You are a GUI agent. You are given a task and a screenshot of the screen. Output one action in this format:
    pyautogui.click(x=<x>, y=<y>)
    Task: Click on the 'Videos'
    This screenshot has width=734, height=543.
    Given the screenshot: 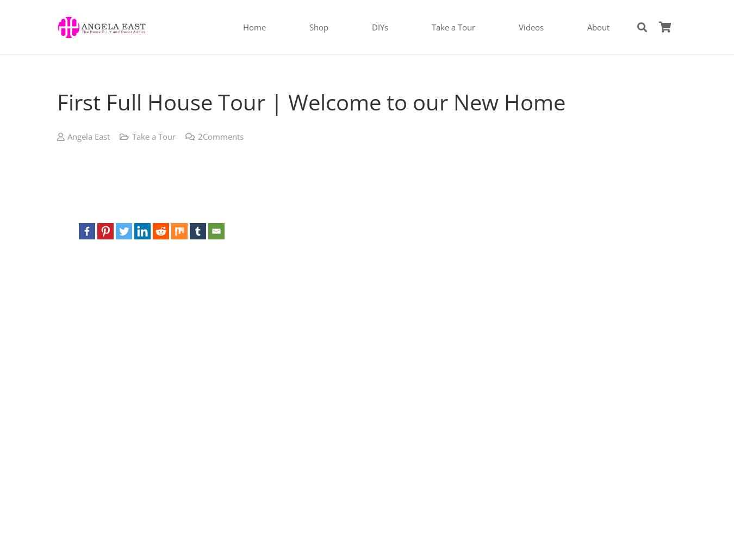 What is the action you would take?
    pyautogui.click(x=518, y=27)
    